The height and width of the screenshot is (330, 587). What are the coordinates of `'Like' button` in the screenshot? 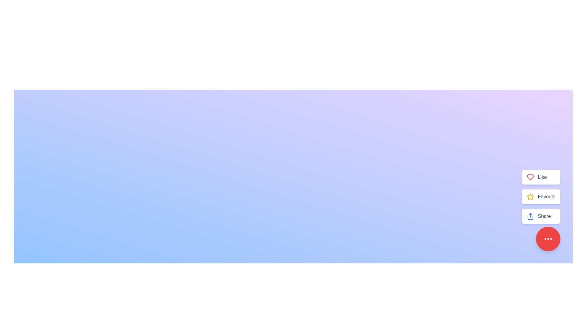 It's located at (541, 177).